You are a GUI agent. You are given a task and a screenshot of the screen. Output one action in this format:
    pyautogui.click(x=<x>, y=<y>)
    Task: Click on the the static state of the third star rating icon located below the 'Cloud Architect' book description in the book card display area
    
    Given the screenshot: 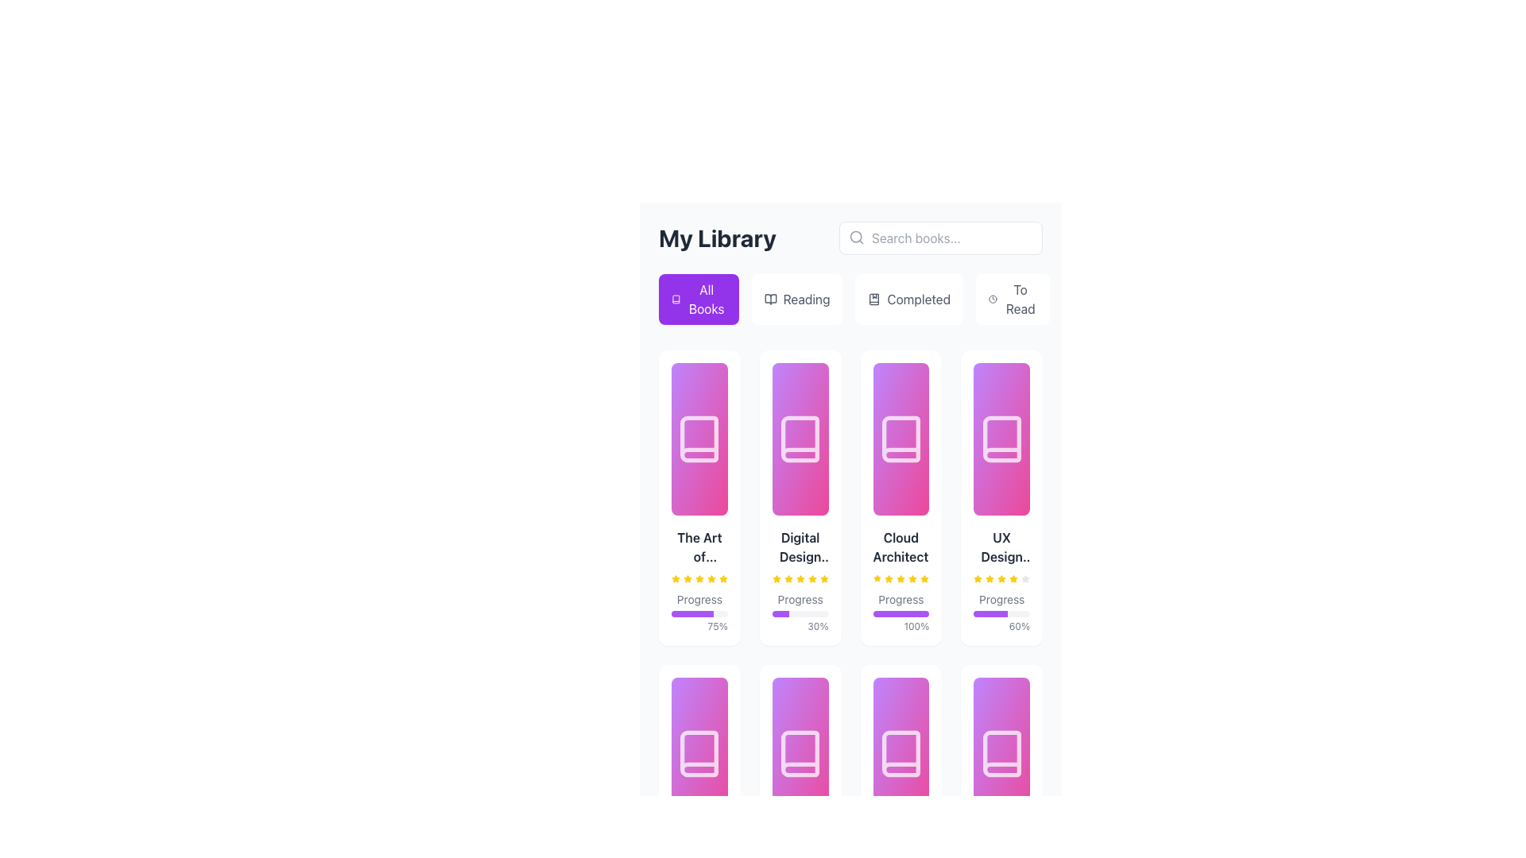 What is the action you would take?
    pyautogui.click(x=877, y=578)
    